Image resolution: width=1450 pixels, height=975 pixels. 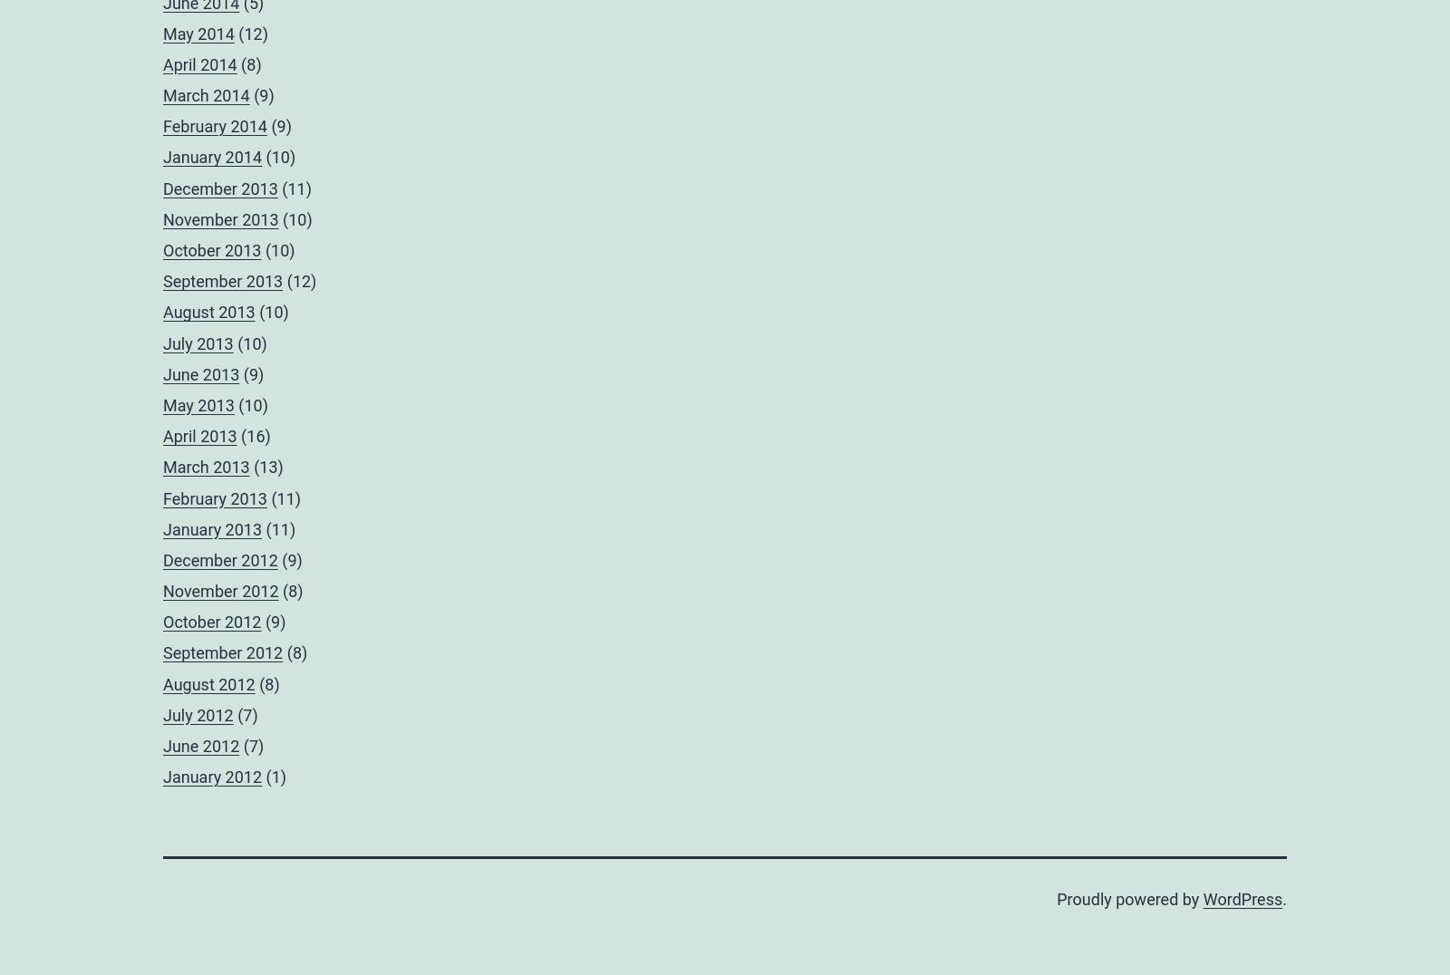 I want to click on 'April 2014', so click(x=199, y=63).